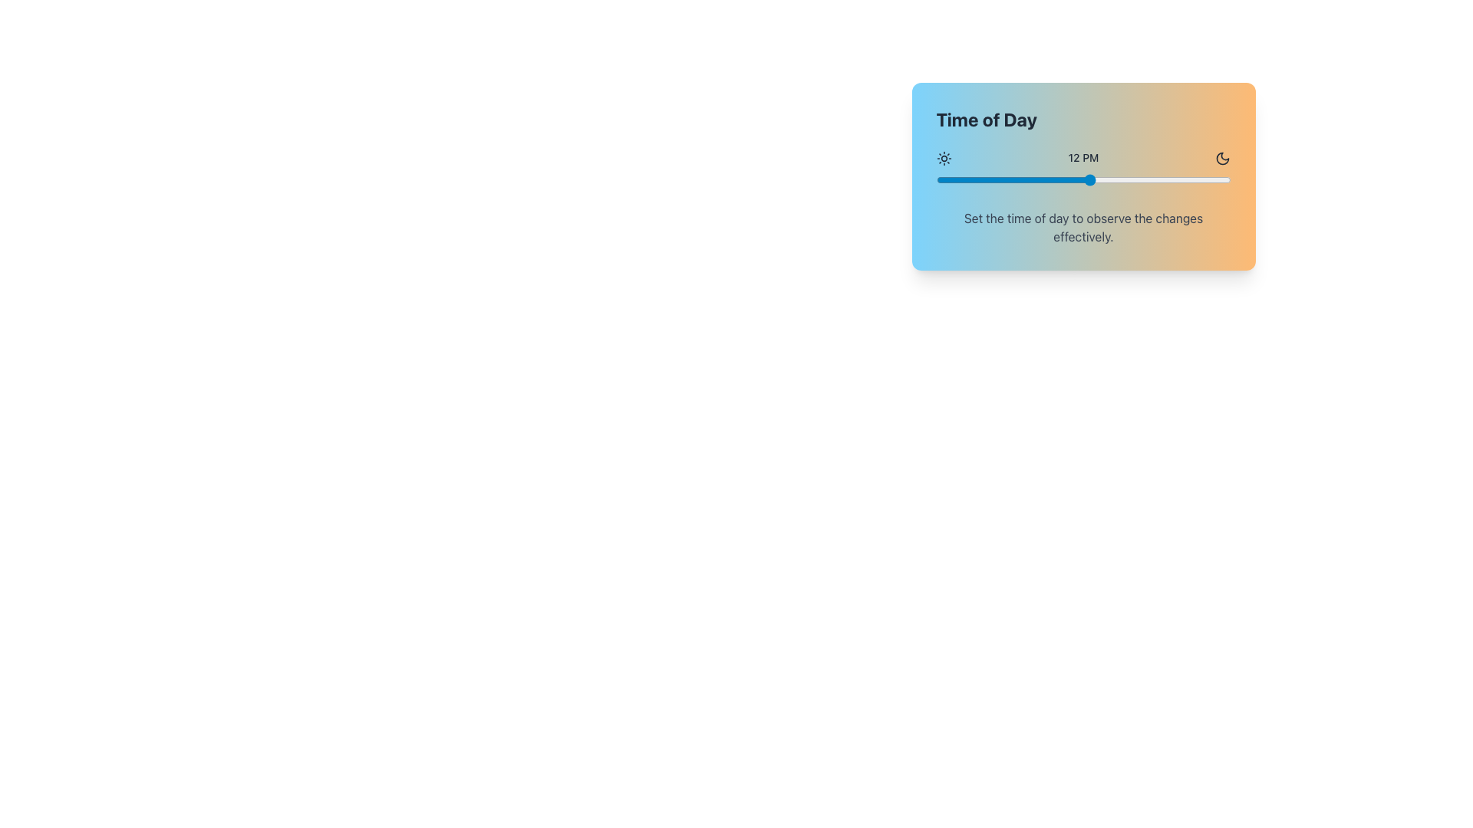 The width and height of the screenshot is (1473, 828). What do you see at coordinates (1222, 158) in the screenshot?
I see `the nighttime mode toggle icon located at the far right of the control panel` at bounding box center [1222, 158].